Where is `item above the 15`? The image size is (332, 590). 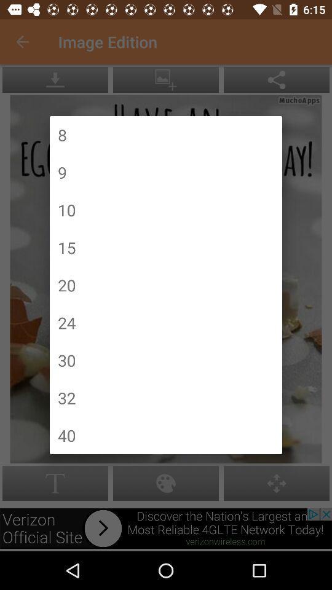 item above the 15 is located at coordinates (66, 210).